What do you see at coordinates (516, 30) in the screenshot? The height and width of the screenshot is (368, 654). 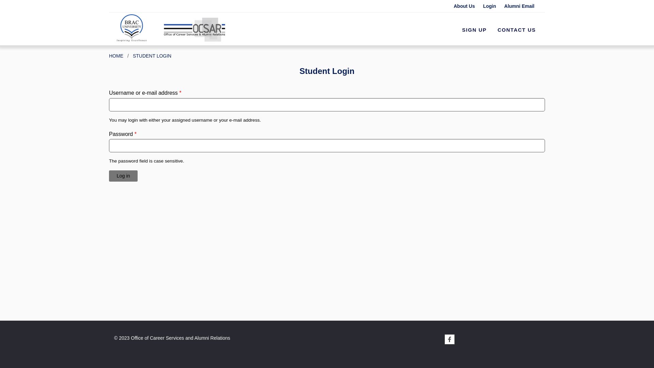 I see `'CONTACT US'` at bounding box center [516, 30].